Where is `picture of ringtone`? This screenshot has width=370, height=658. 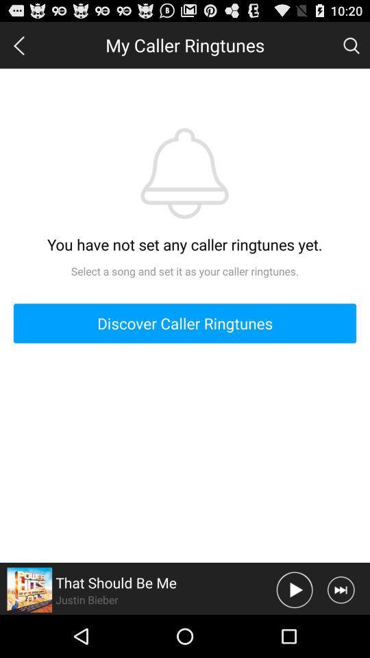
picture of ringtone is located at coordinates (29, 589).